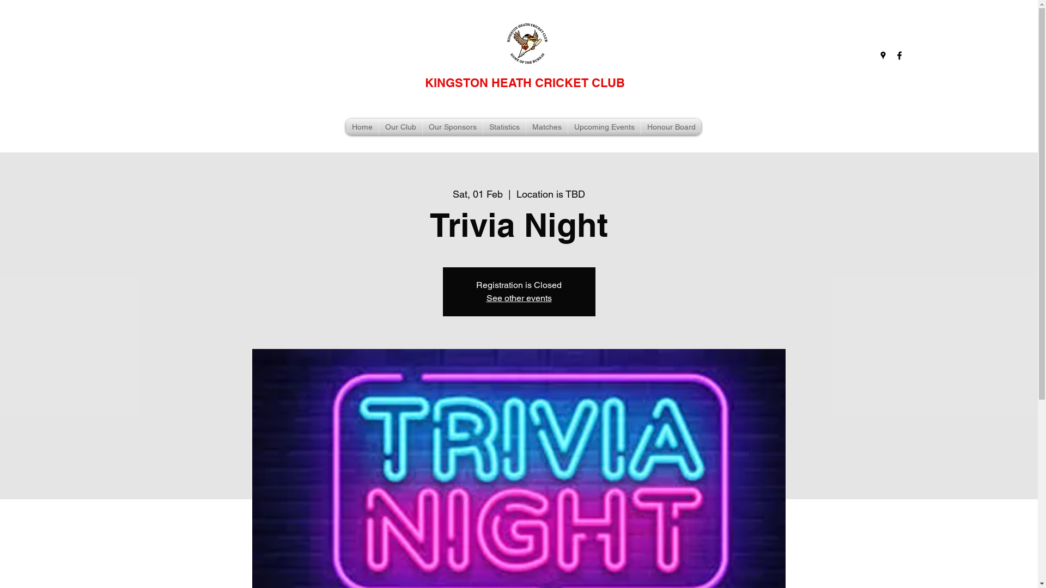 The height and width of the screenshot is (588, 1046). What do you see at coordinates (345, 126) in the screenshot?
I see `'Home'` at bounding box center [345, 126].